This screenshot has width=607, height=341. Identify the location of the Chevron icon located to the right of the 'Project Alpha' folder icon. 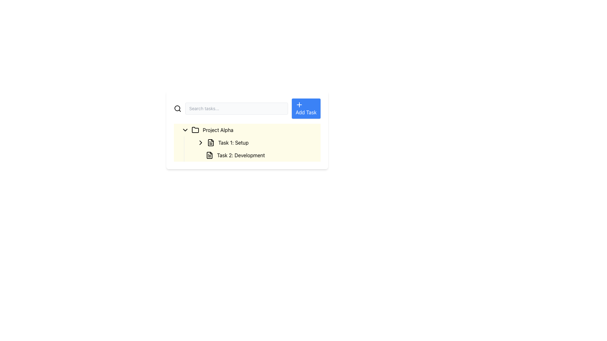
(200, 142).